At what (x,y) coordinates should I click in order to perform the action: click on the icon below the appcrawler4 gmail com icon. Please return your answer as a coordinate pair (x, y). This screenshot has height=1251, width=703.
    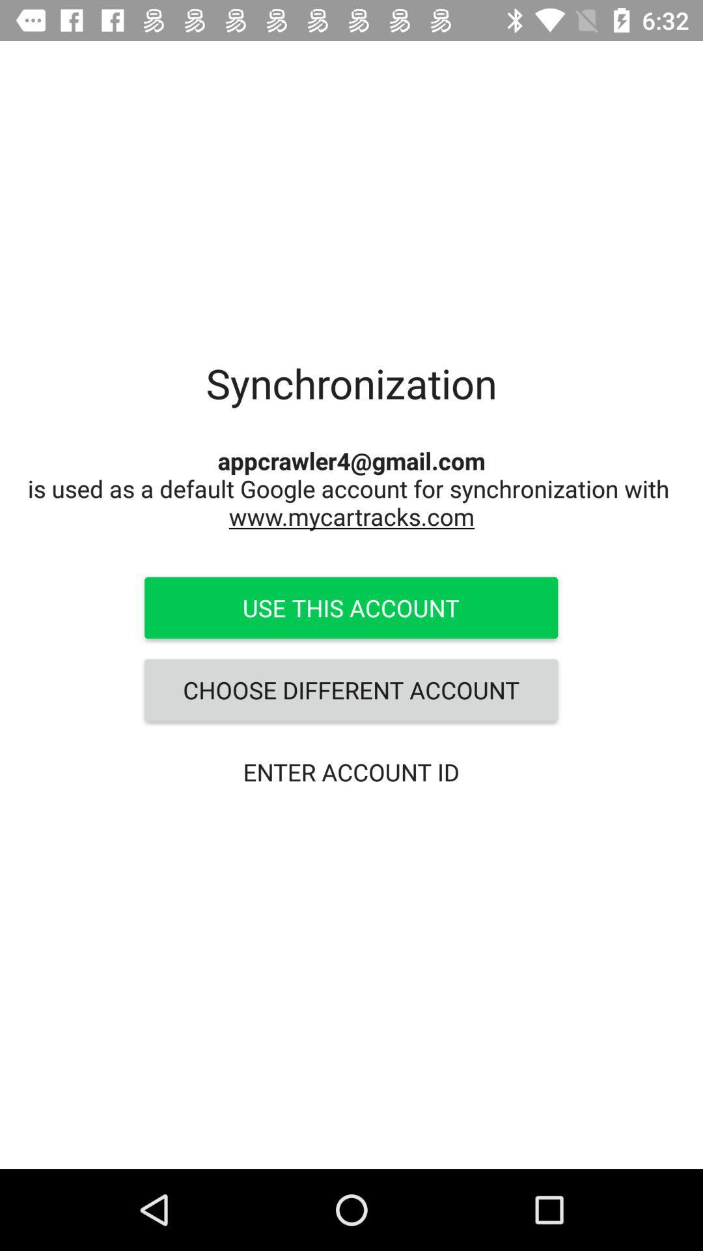
    Looking at the image, I should click on (350, 607).